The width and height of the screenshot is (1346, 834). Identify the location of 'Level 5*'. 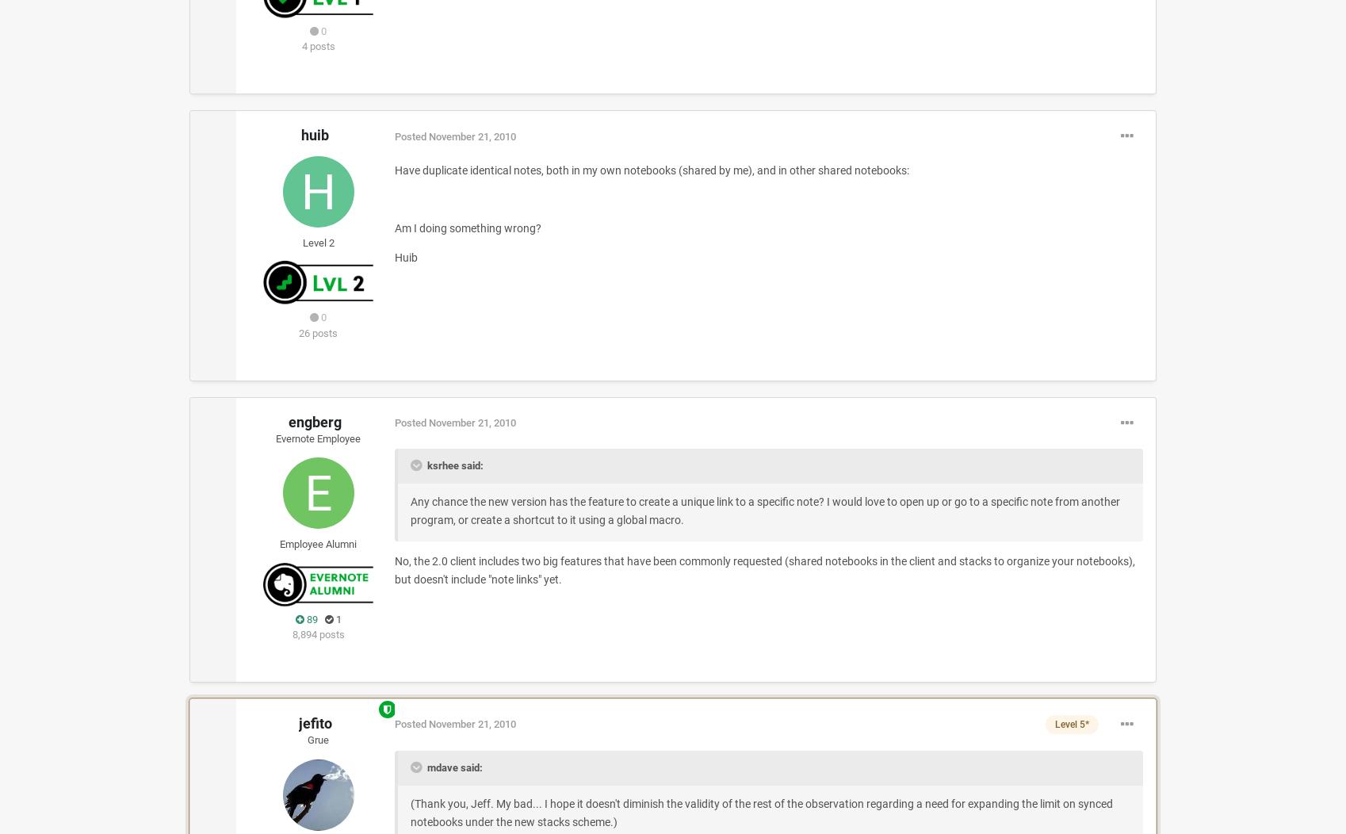
(1071, 724).